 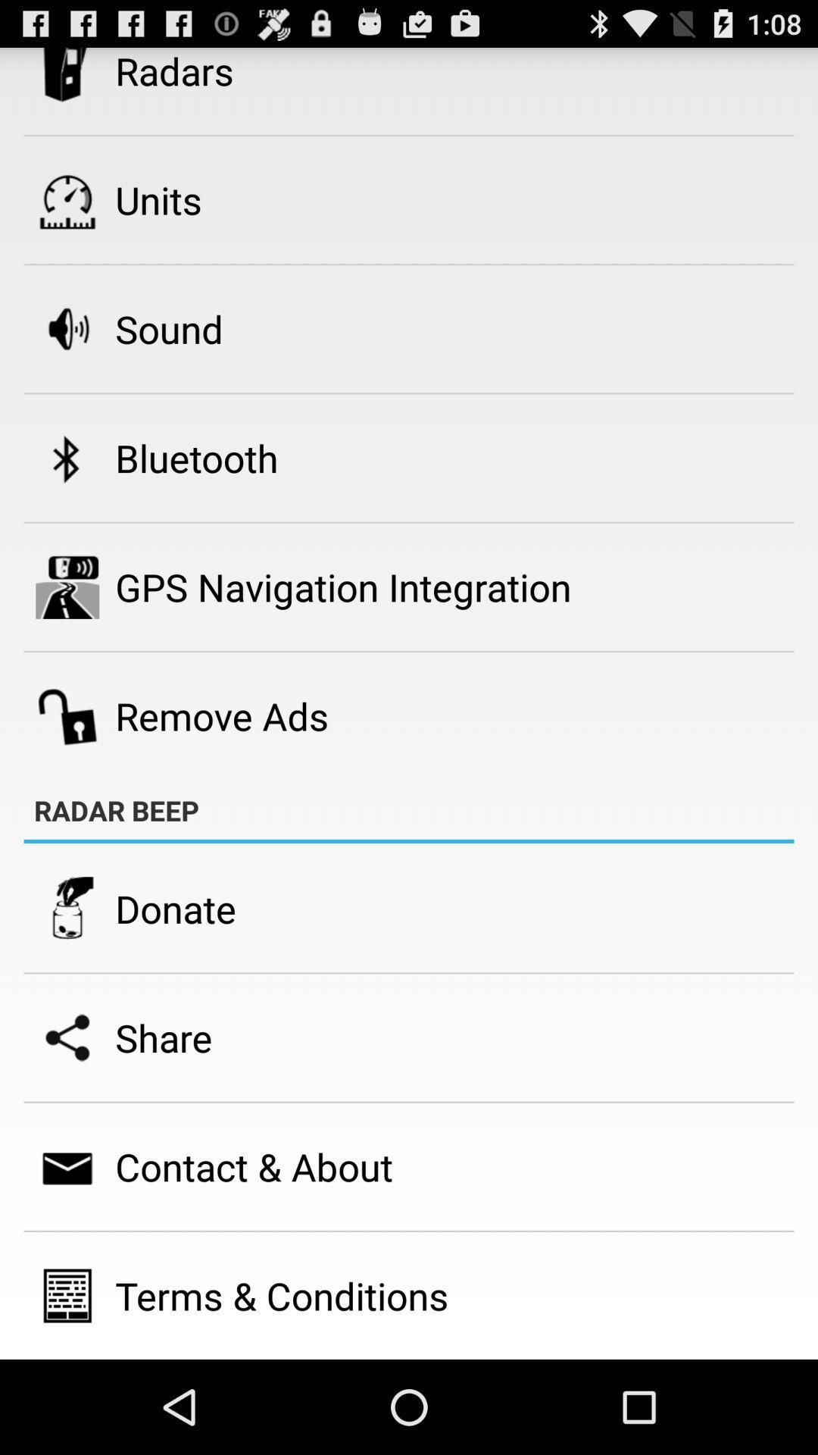 What do you see at coordinates (116, 809) in the screenshot?
I see `the radar beep icon` at bounding box center [116, 809].